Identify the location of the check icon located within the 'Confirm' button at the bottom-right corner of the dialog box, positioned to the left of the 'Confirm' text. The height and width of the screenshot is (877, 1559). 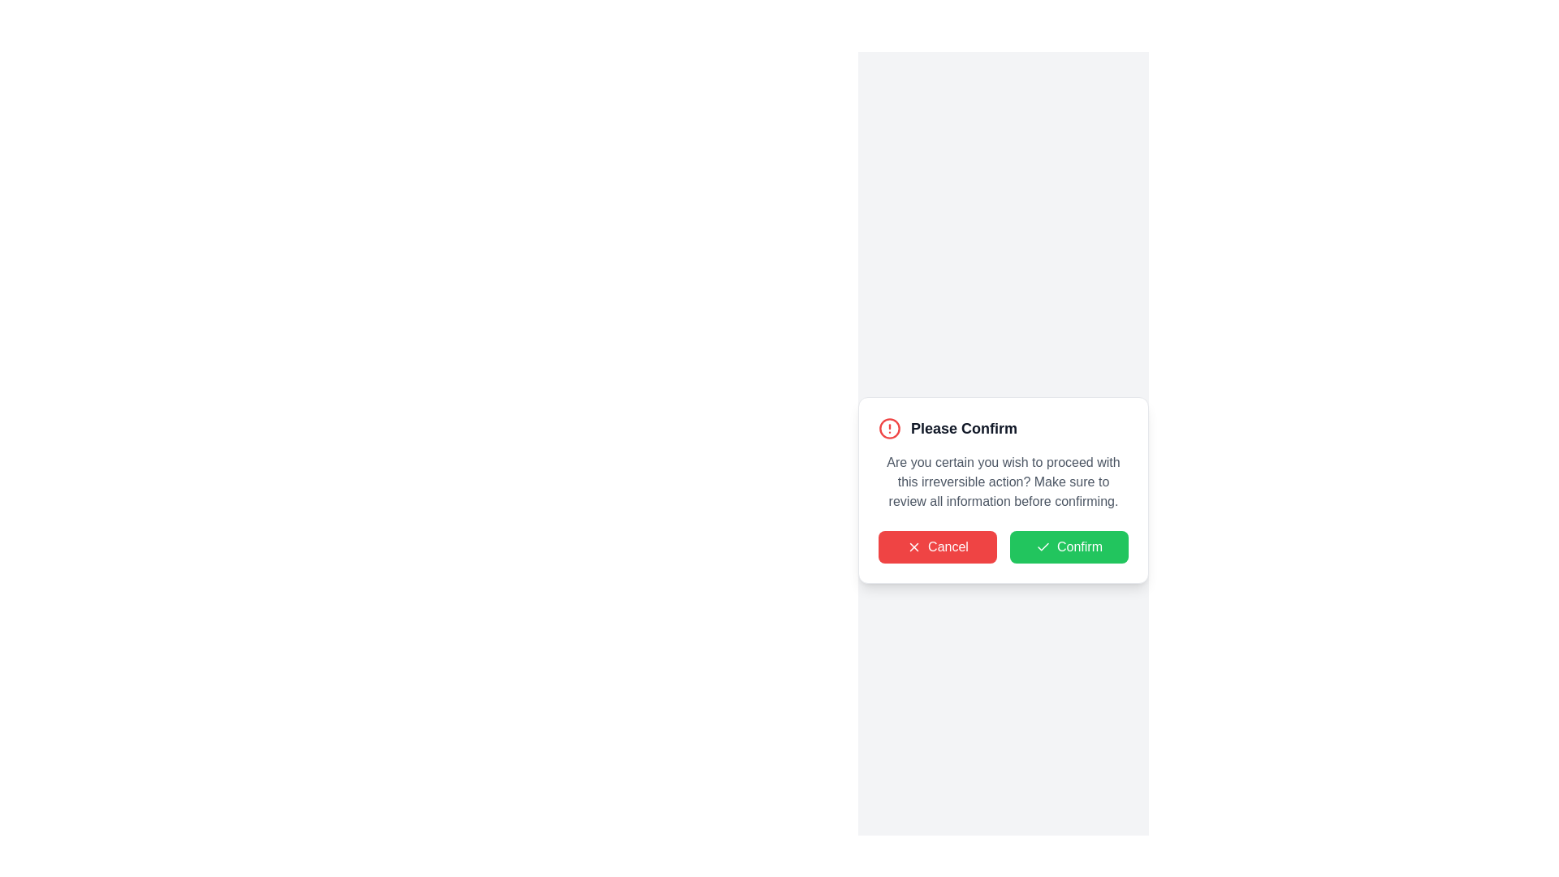
(1042, 547).